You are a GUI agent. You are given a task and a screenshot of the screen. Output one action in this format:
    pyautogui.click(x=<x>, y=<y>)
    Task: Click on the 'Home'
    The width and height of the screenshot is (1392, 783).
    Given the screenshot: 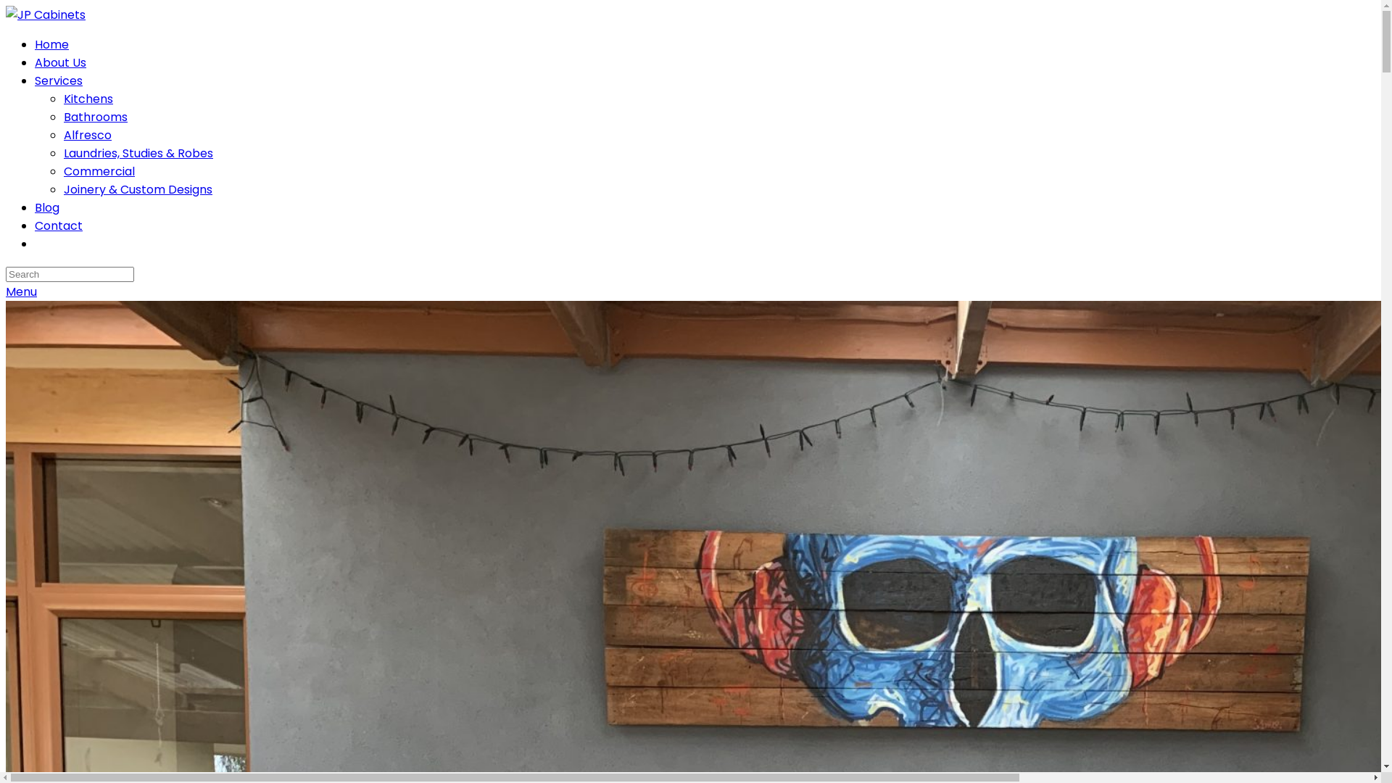 What is the action you would take?
    pyautogui.click(x=51, y=43)
    